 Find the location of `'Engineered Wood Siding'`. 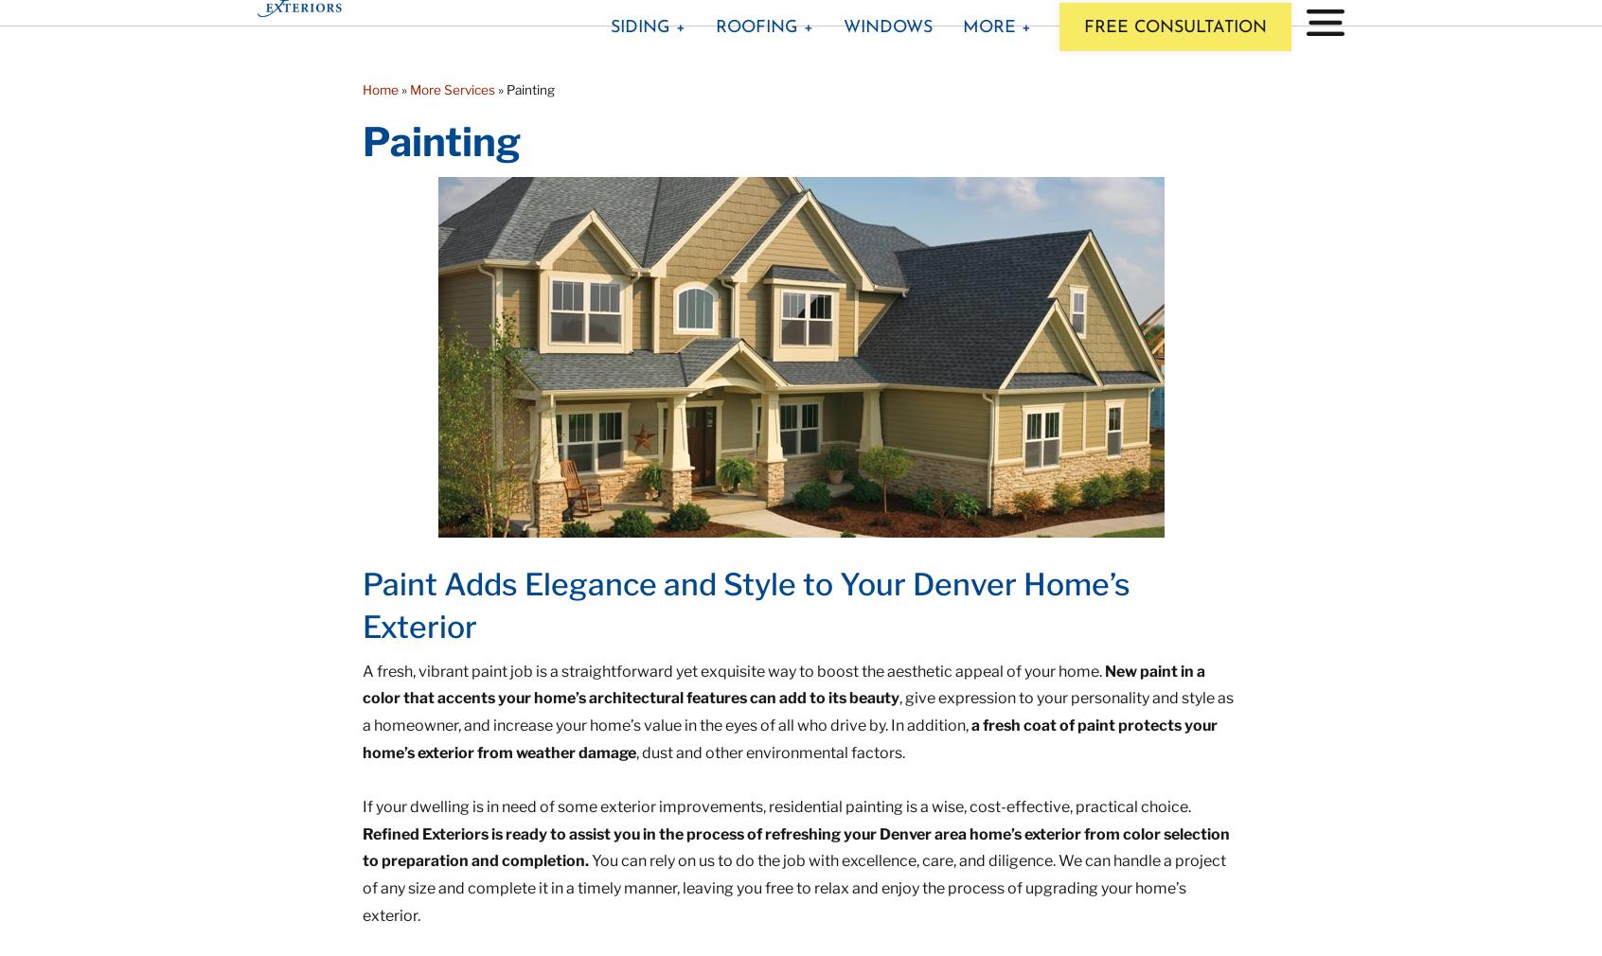

'Engineered Wood Siding' is located at coordinates (686, 262).